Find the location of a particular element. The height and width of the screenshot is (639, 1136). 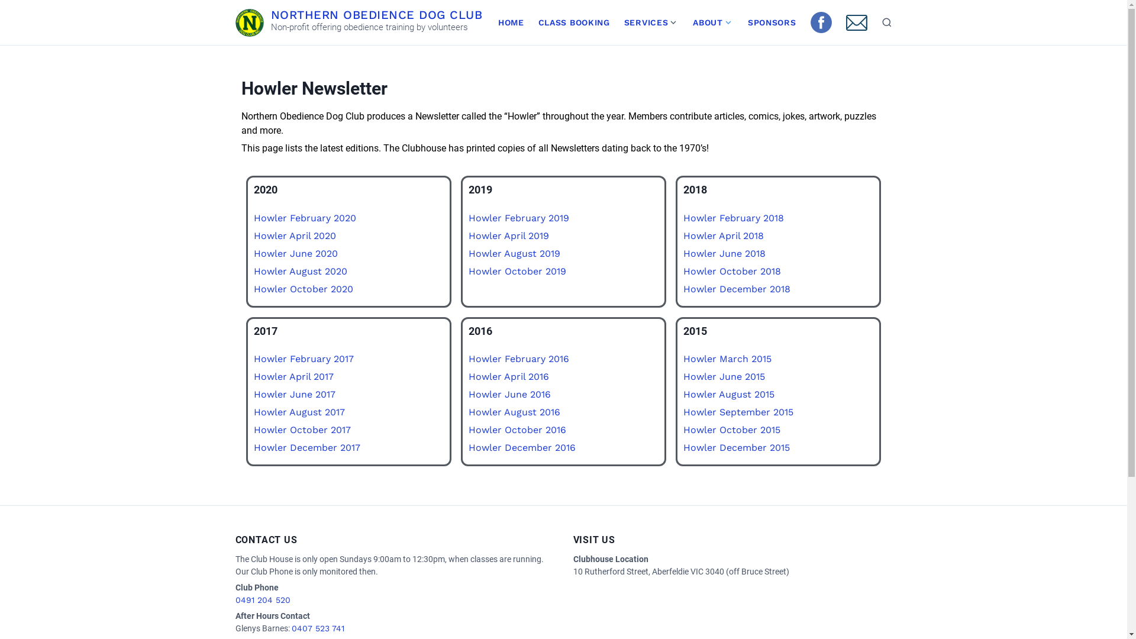

'Howler October 2018' is located at coordinates (683, 270).